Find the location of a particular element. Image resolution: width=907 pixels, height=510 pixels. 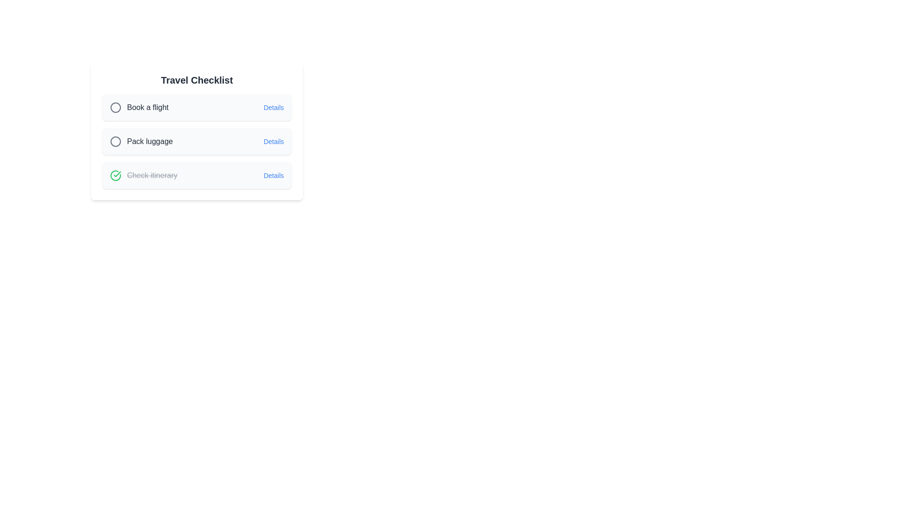

the second checklist task item under 'Travel Checklist', positioned below 'Book a flight' is located at coordinates (197, 131).